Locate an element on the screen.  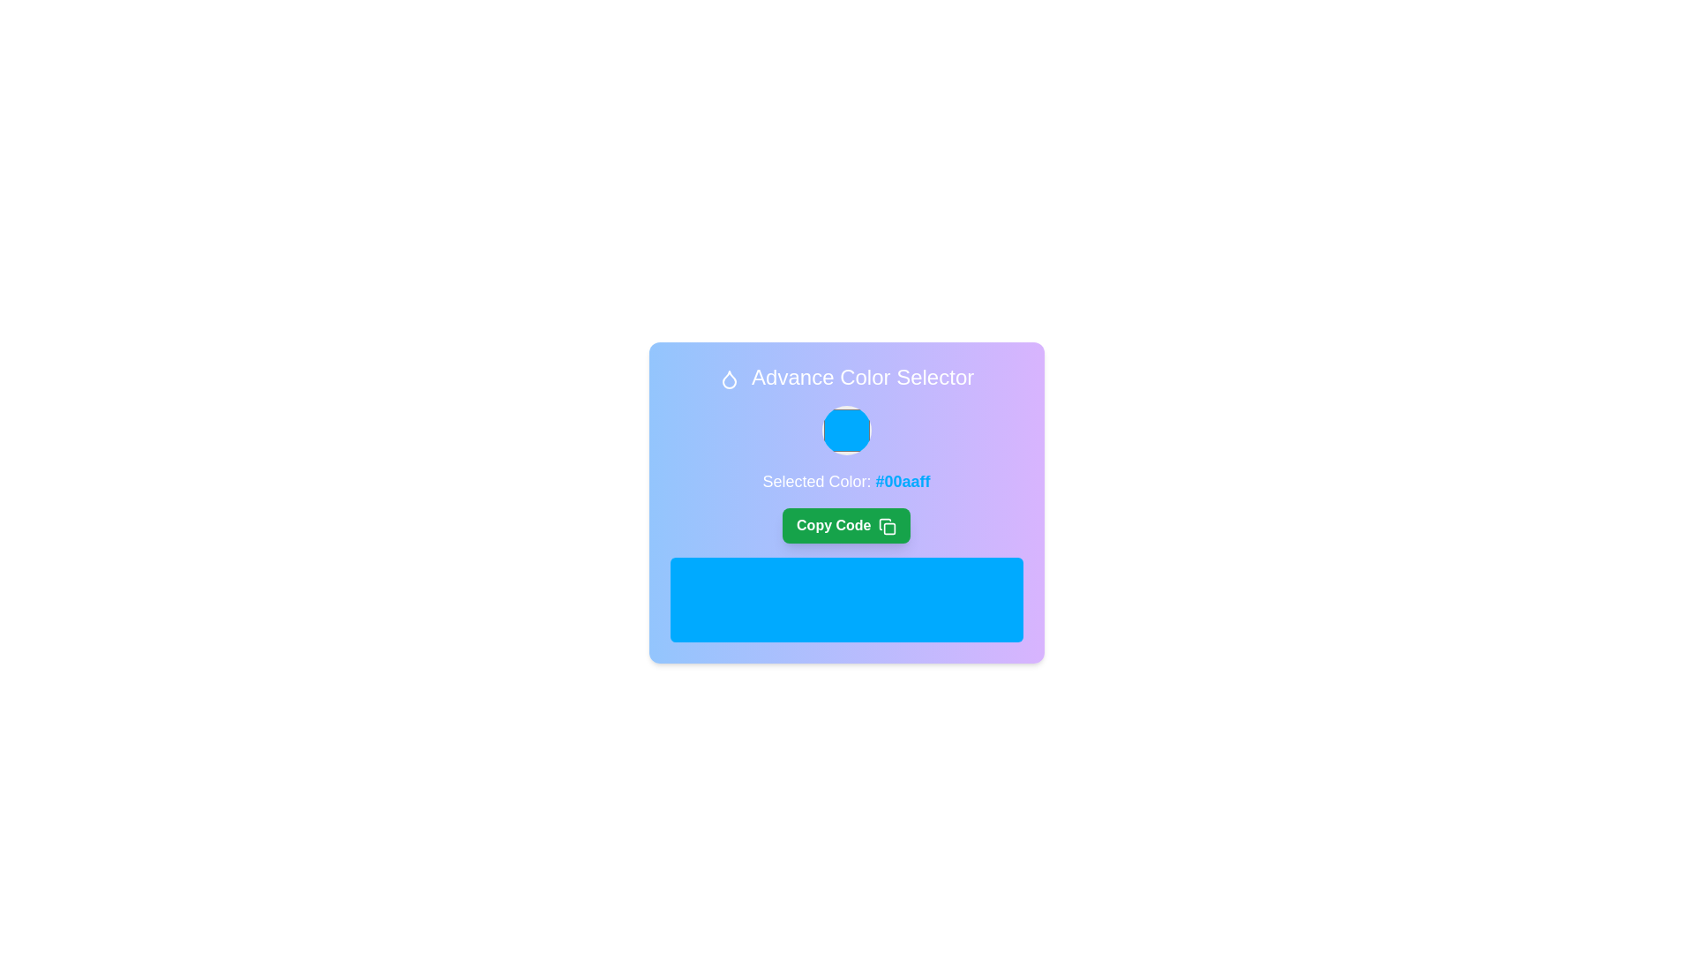
the green rounded rectangle button labeled 'Copy Code' is located at coordinates (845, 525).